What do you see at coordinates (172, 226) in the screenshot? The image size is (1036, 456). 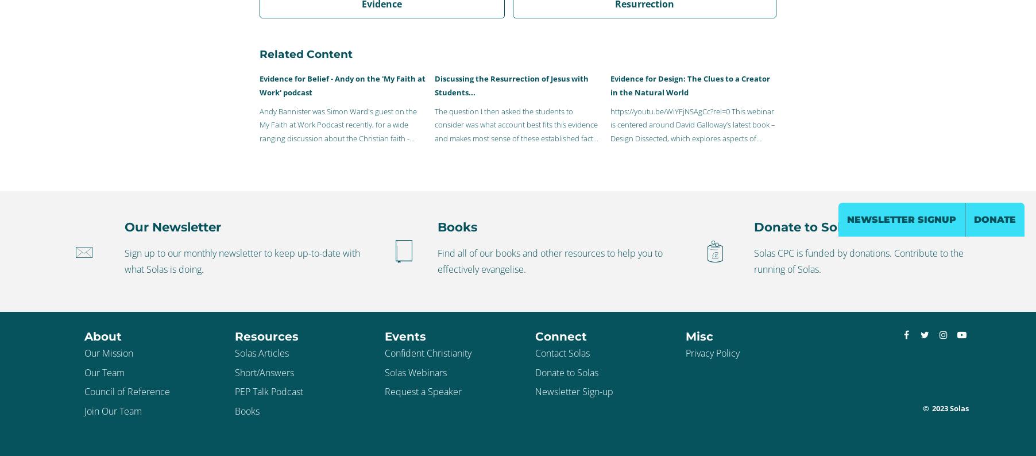 I see `'Our Newsletter'` at bounding box center [172, 226].